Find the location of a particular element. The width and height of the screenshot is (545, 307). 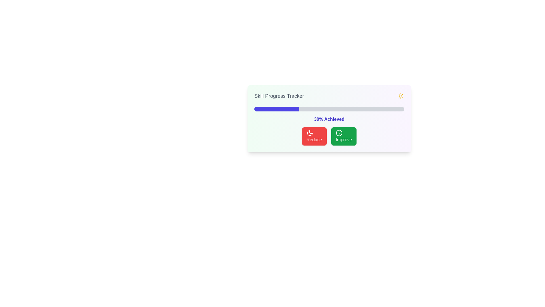

the Progress bar that visually represents a 30% completion level, located under the heading 'Skill Progress Tracker' and above the text '30% Achieved.' is located at coordinates (329, 109).